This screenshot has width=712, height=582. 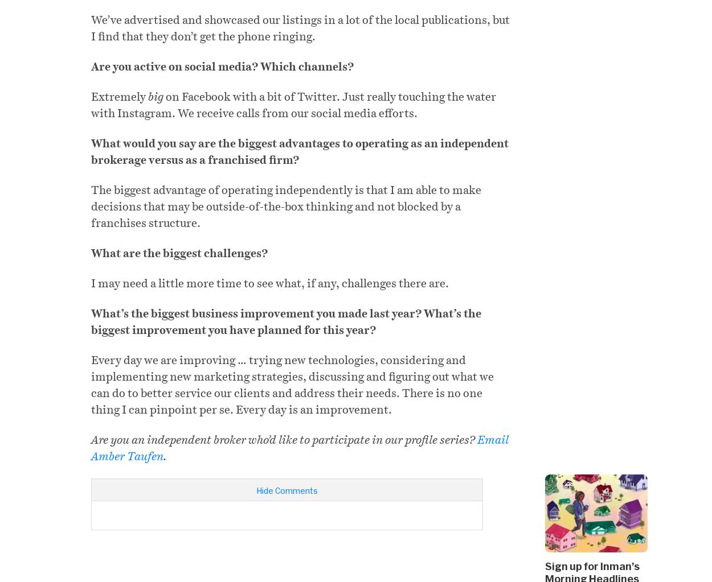 I want to click on 'The biggest advantage of operating independently is that I am able to make decisions that may be outside-of-the-box thinking and not blocked by a franchises structure.', so click(x=286, y=205).